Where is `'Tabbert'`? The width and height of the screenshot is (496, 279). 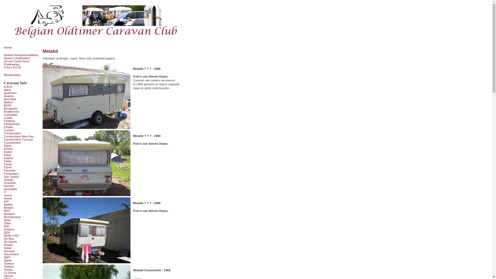
'Tabbert' is located at coordinates (4, 267).